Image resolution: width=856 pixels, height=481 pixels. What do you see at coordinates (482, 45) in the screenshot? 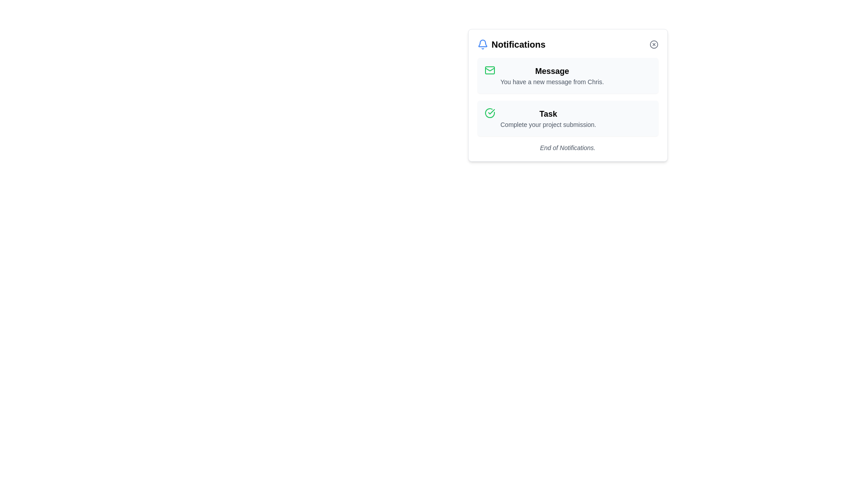
I see `the blue bell icon located in the notification header, which is positioned to the left of the 'Notifications' text` at bounding box center [482, 45].